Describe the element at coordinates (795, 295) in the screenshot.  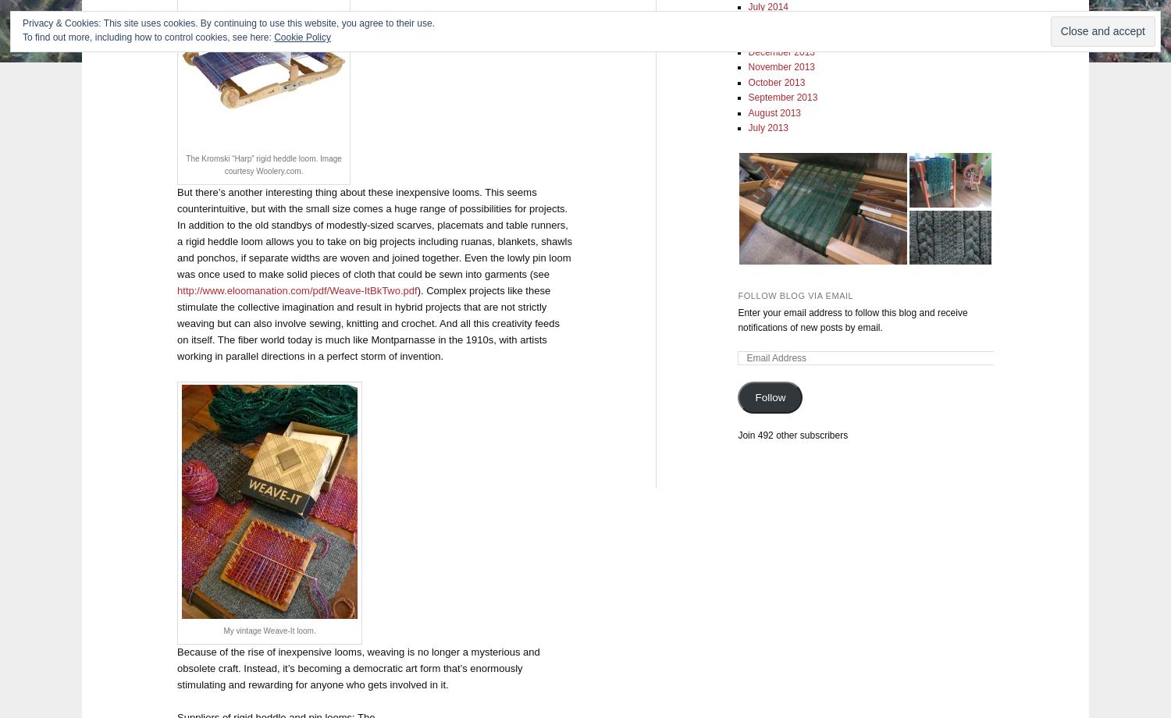
I see `'Follow Blog via Email'` at that location.